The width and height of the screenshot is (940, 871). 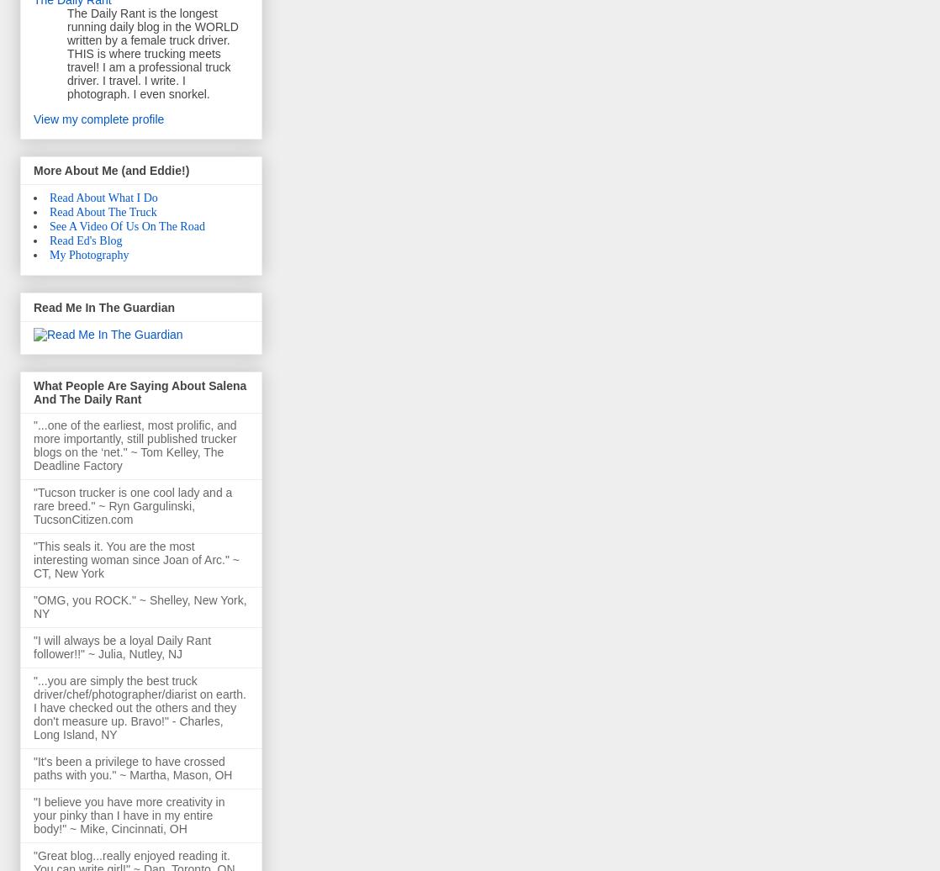 What do you see at coordinates (129, 816) in the screenshot?
I see `'"I believe you have more creativity in your pinky than I have in my entire body!" ~ Mike, Cincinnati, OH'` at bounding box center [129, 816].